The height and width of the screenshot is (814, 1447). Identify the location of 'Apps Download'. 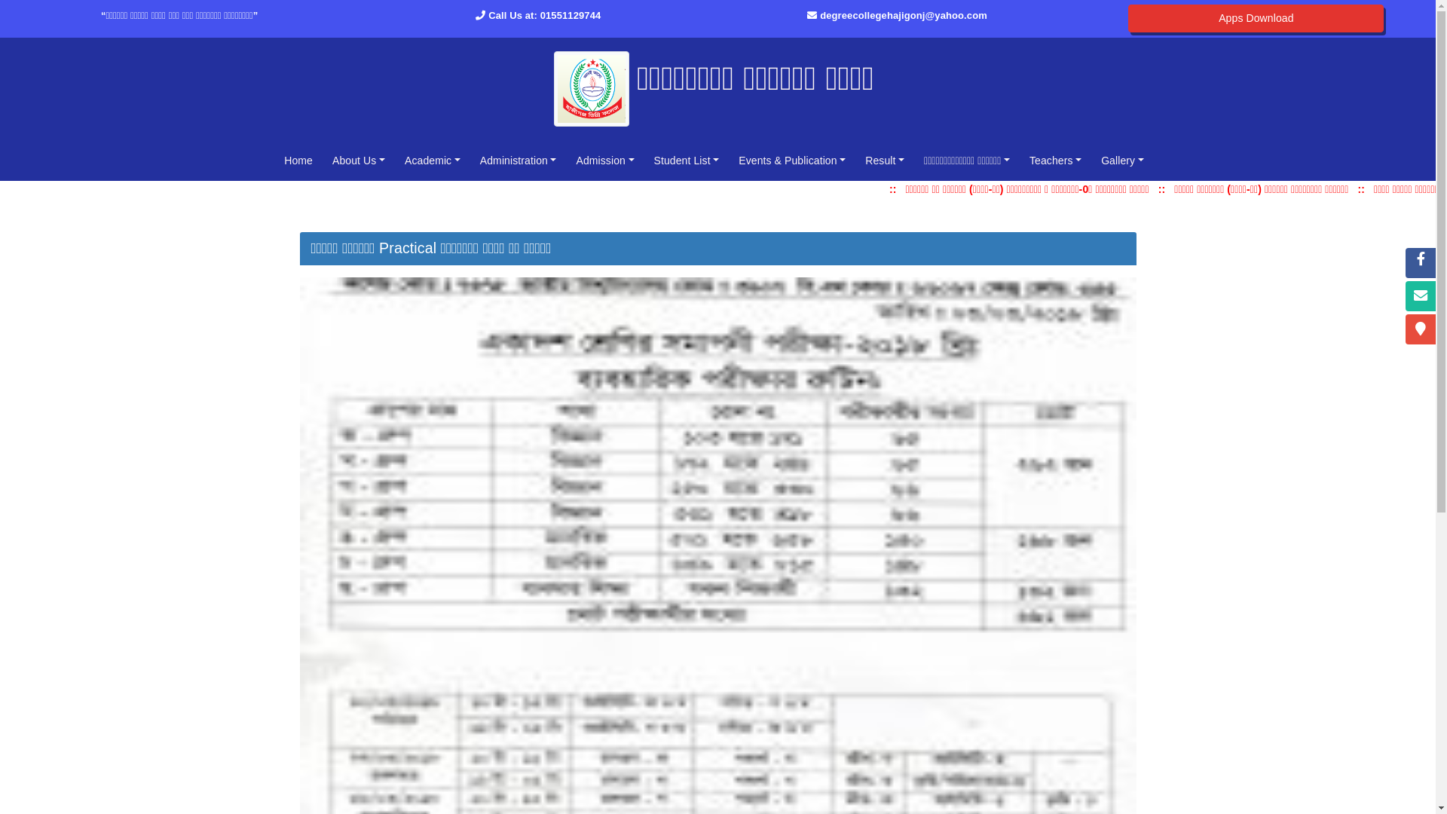
(1256, 18).